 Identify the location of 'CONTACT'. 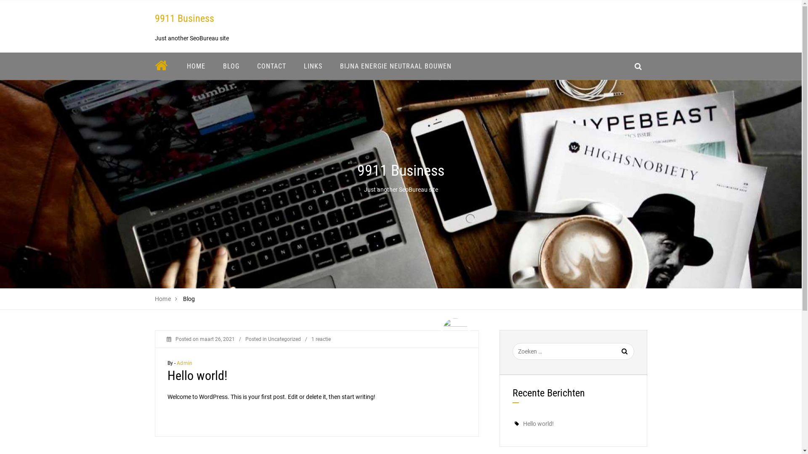
(251, 66).